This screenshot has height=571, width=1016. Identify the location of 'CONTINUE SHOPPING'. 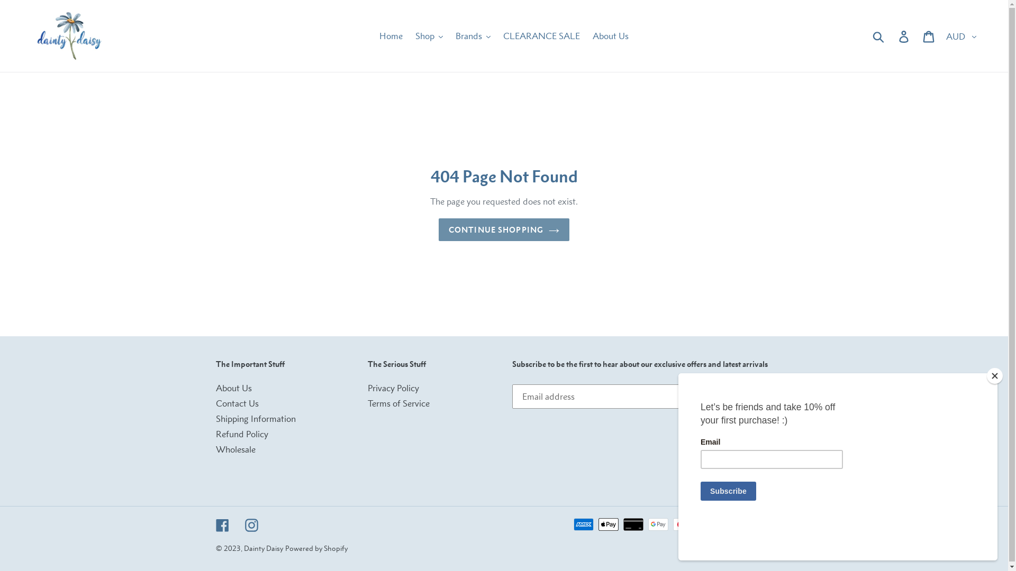
(503, 229).